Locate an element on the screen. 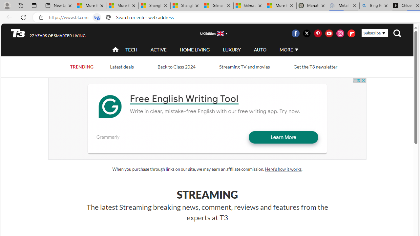 The height and width of the screenshot is (236, 420). 'Class: icon-svg' is located at coordinates (351, 33).